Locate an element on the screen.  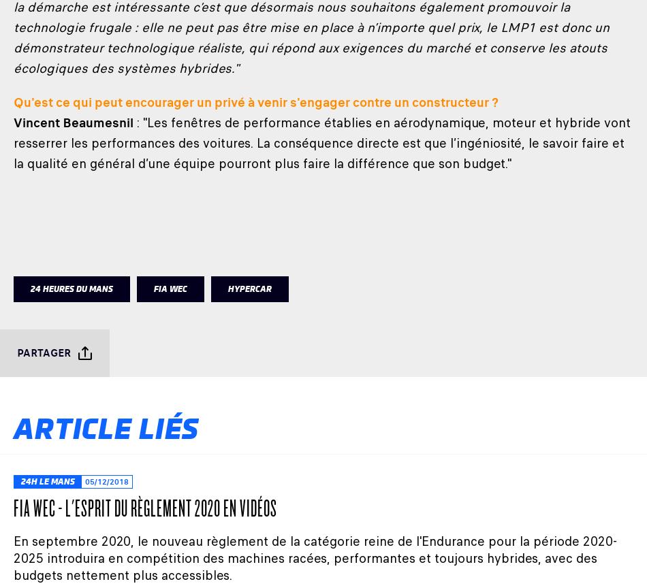
'Article liés' is located at coordinates (14, 428).